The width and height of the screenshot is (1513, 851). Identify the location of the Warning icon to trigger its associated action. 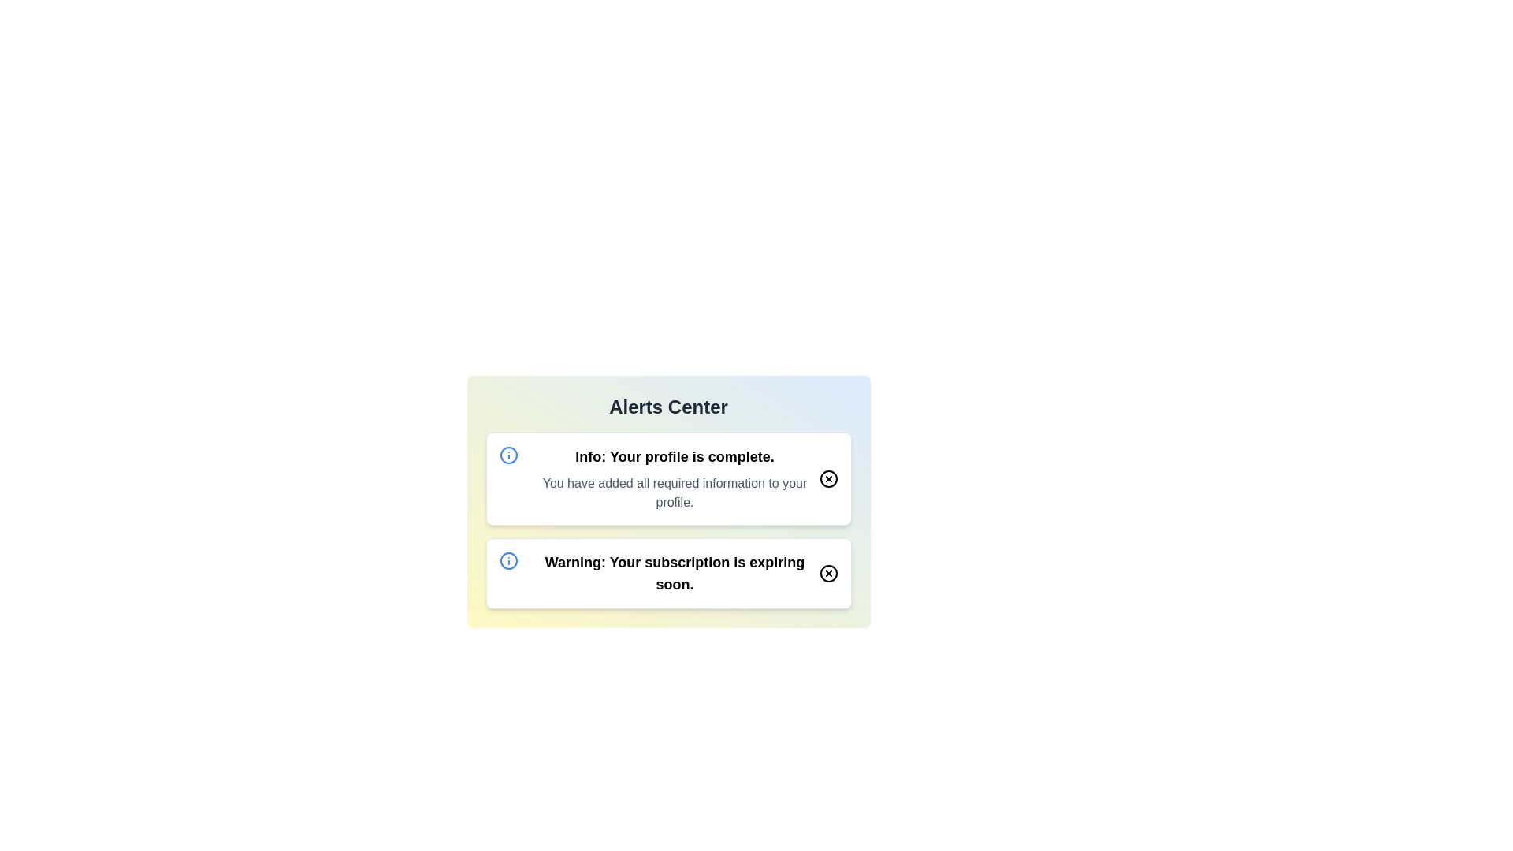
(508, 560).